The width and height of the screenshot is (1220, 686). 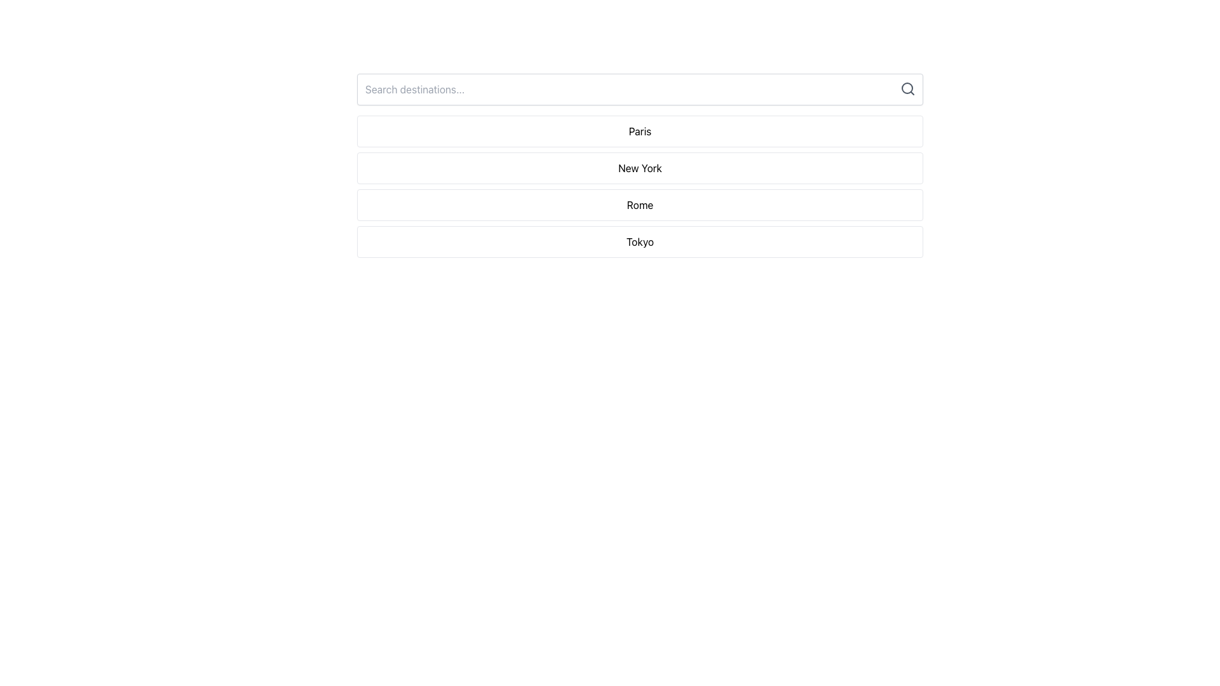 I want to click on the first selectable list item in the dropdown menu, so click(x=640, y=131).